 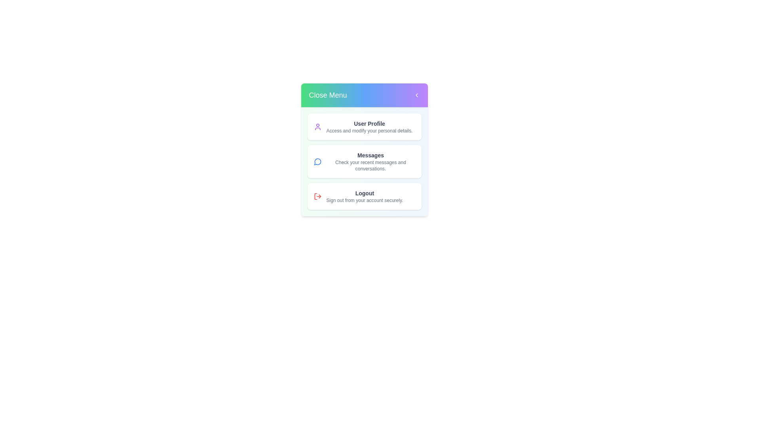 What do you see at coordinates (317, 126) in the screenshot?
I see `the User Profile icon in the ProfileMenu` at bounding box center [317, 126].